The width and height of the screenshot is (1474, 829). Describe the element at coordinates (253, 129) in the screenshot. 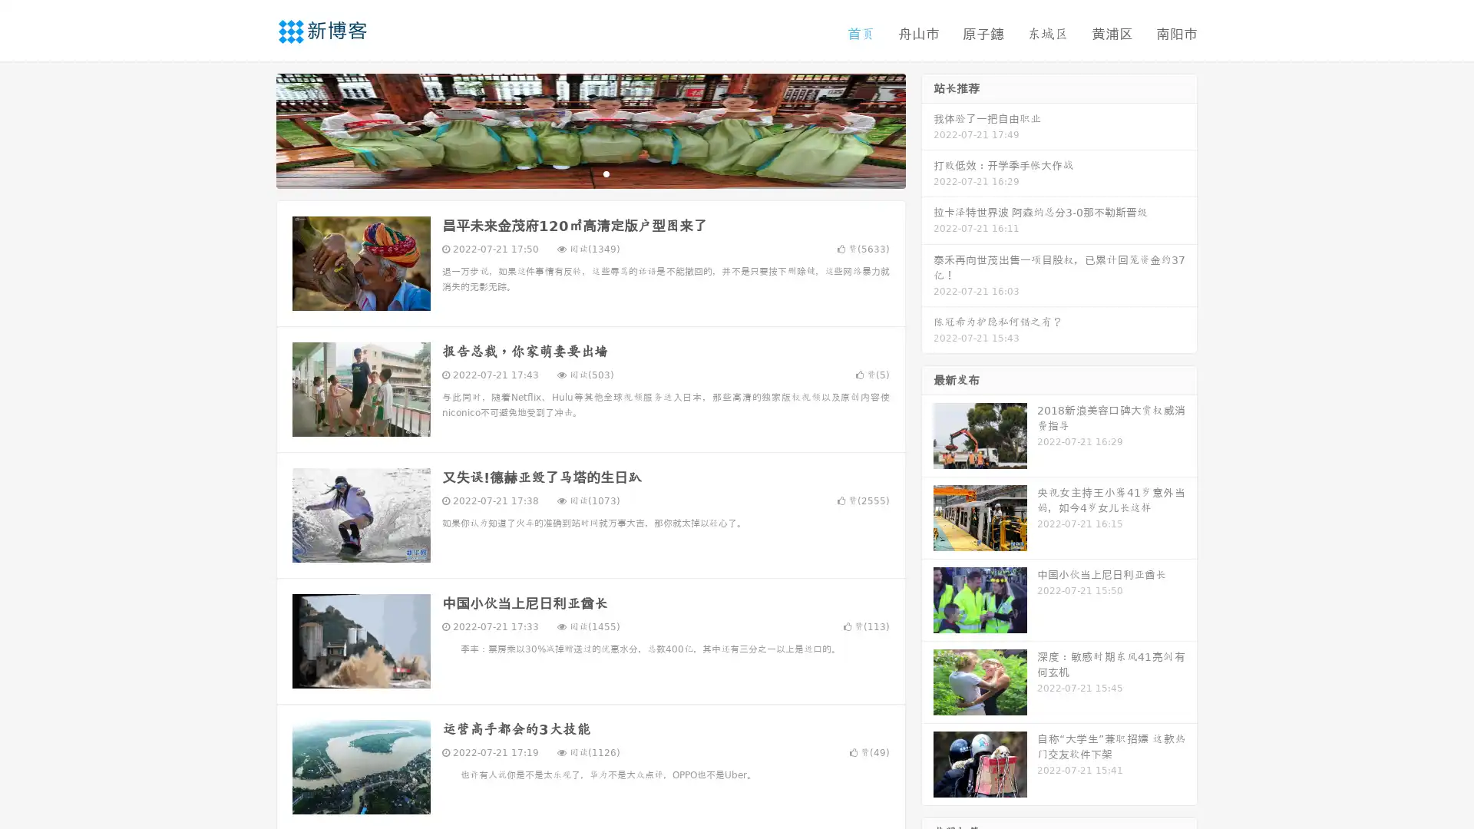

I see `Previous slide` at that location.